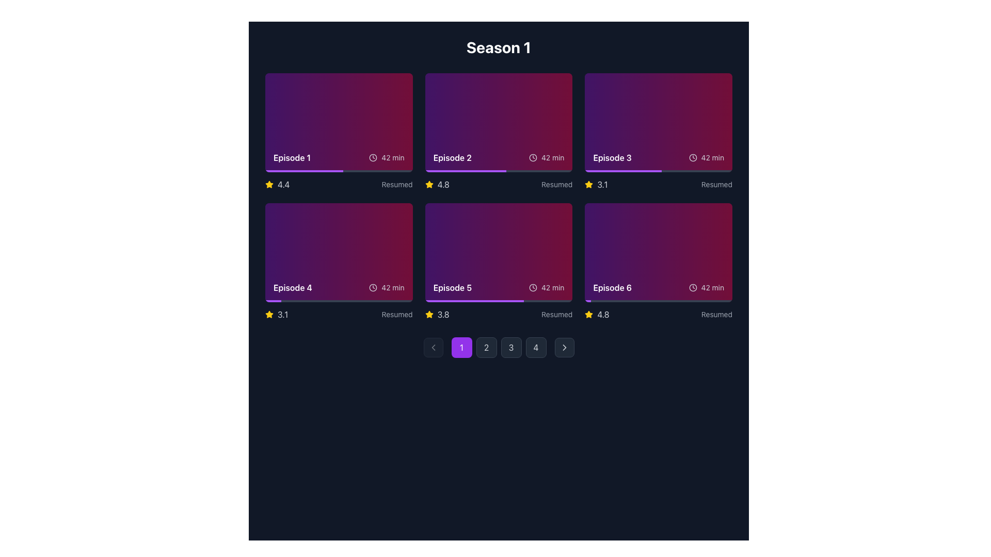 The width and height of the screenshot is (991, 557). What do you see at coordinates (499, 348) in the screenshot?
I see `the button displaying the number '3' with a dark background and rounded corners for keyboard interaction` at bounding box center [499, 348].